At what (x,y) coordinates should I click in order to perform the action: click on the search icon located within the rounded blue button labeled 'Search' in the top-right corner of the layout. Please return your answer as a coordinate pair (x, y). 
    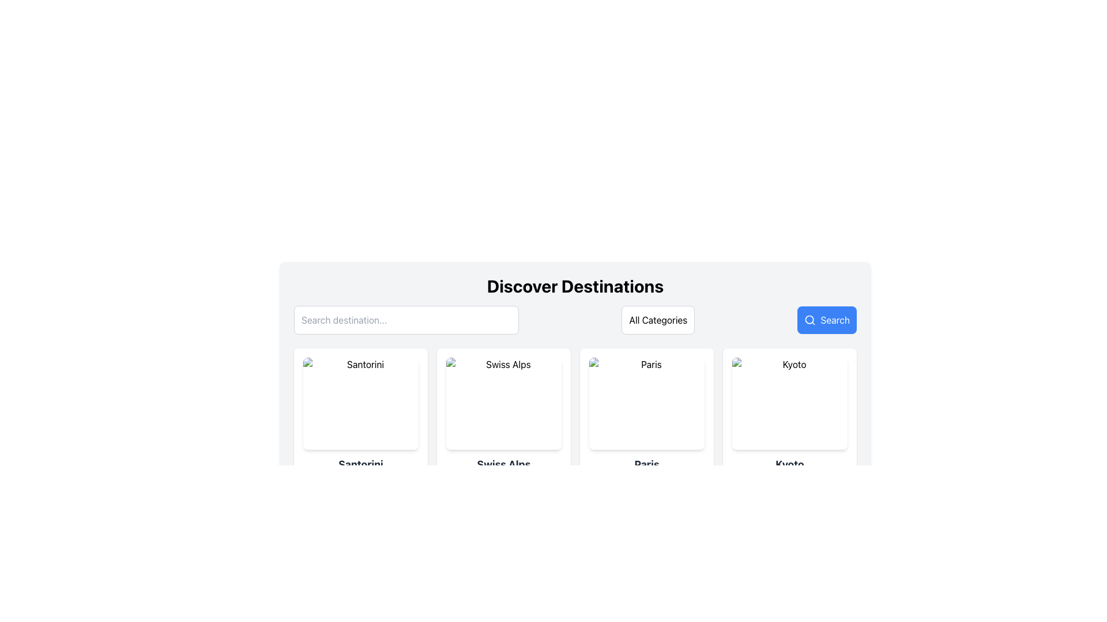
    Looking at the image, I should click on (809, 320).